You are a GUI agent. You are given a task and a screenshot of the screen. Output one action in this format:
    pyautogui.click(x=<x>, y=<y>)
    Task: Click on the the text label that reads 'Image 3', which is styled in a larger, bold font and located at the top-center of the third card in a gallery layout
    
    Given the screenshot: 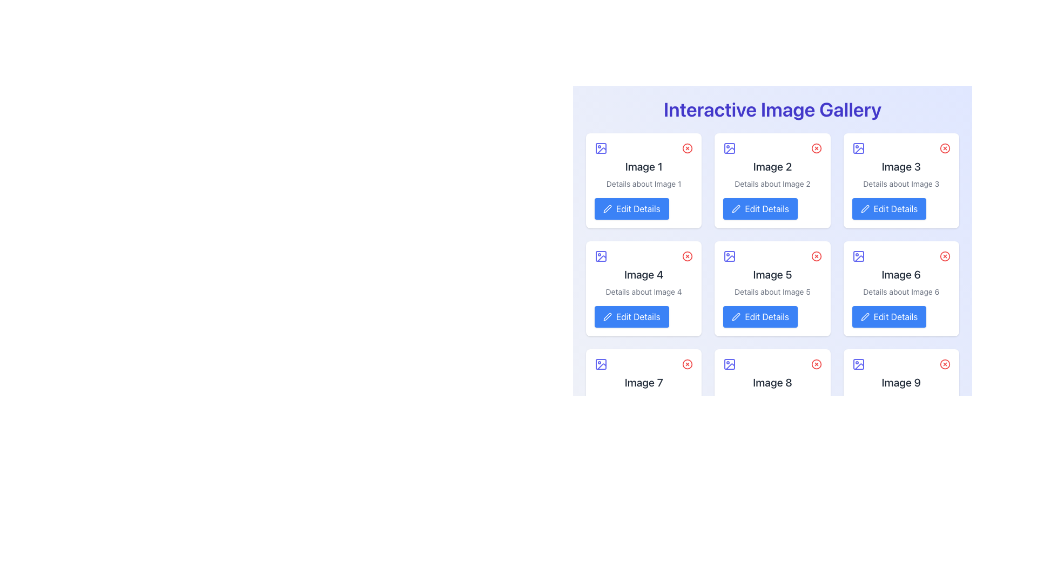 What is the action you would take?
    pyautogui.click(x=901, y=166)
    